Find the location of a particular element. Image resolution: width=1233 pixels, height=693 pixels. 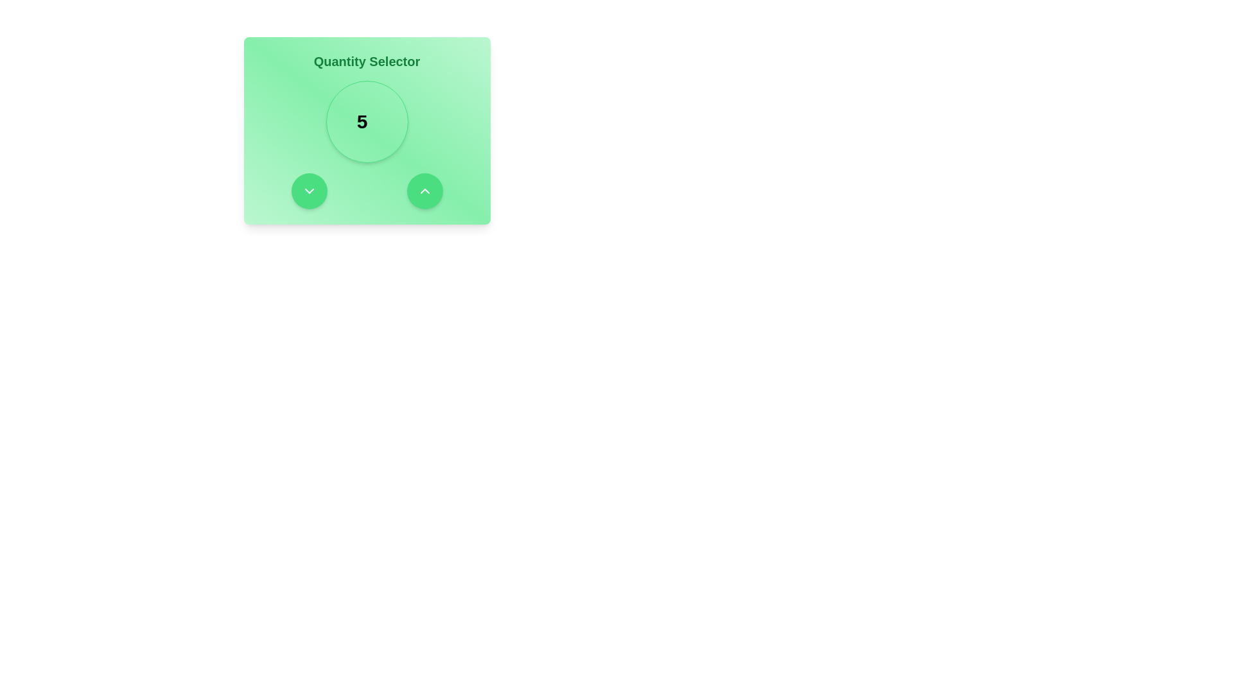

the circular green button with an upward-facing chevron icon to change its background shade is located at coordinates (424, 191).